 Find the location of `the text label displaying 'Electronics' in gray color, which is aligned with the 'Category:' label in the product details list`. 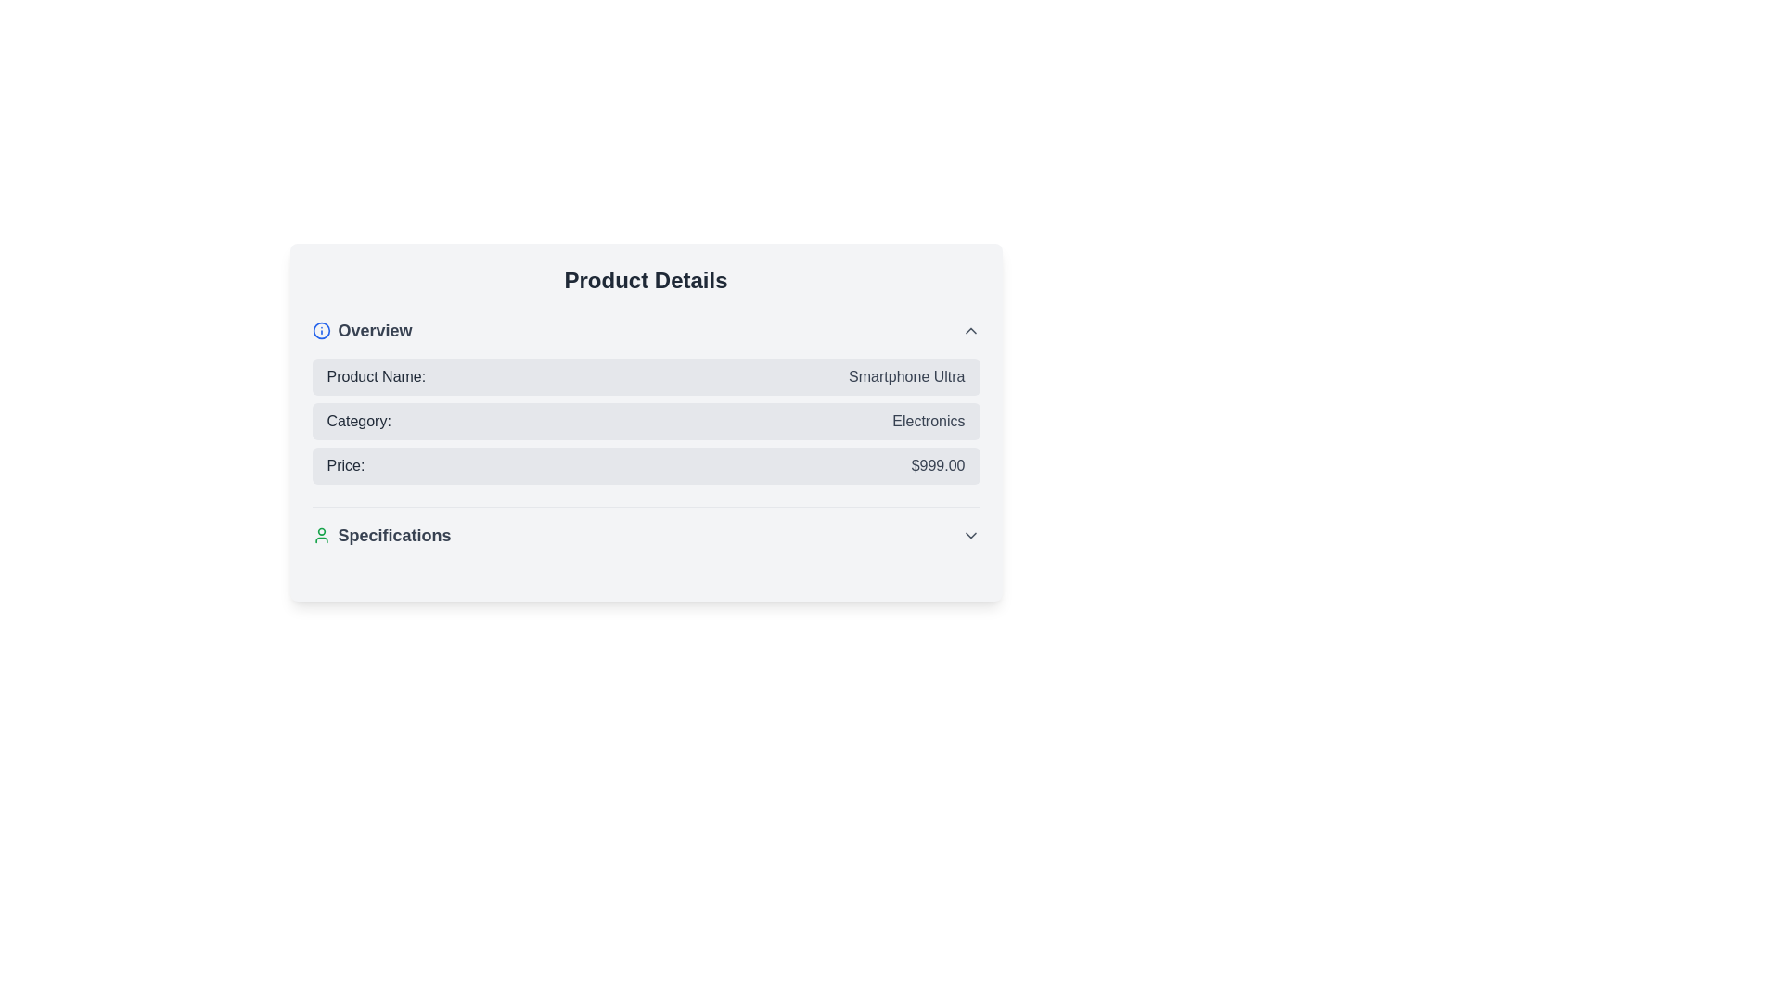

the text label displaying 'Electronics' in gray color, which is aligned with the 'Category:' label in the product details list is located at coordinates (929, 422).